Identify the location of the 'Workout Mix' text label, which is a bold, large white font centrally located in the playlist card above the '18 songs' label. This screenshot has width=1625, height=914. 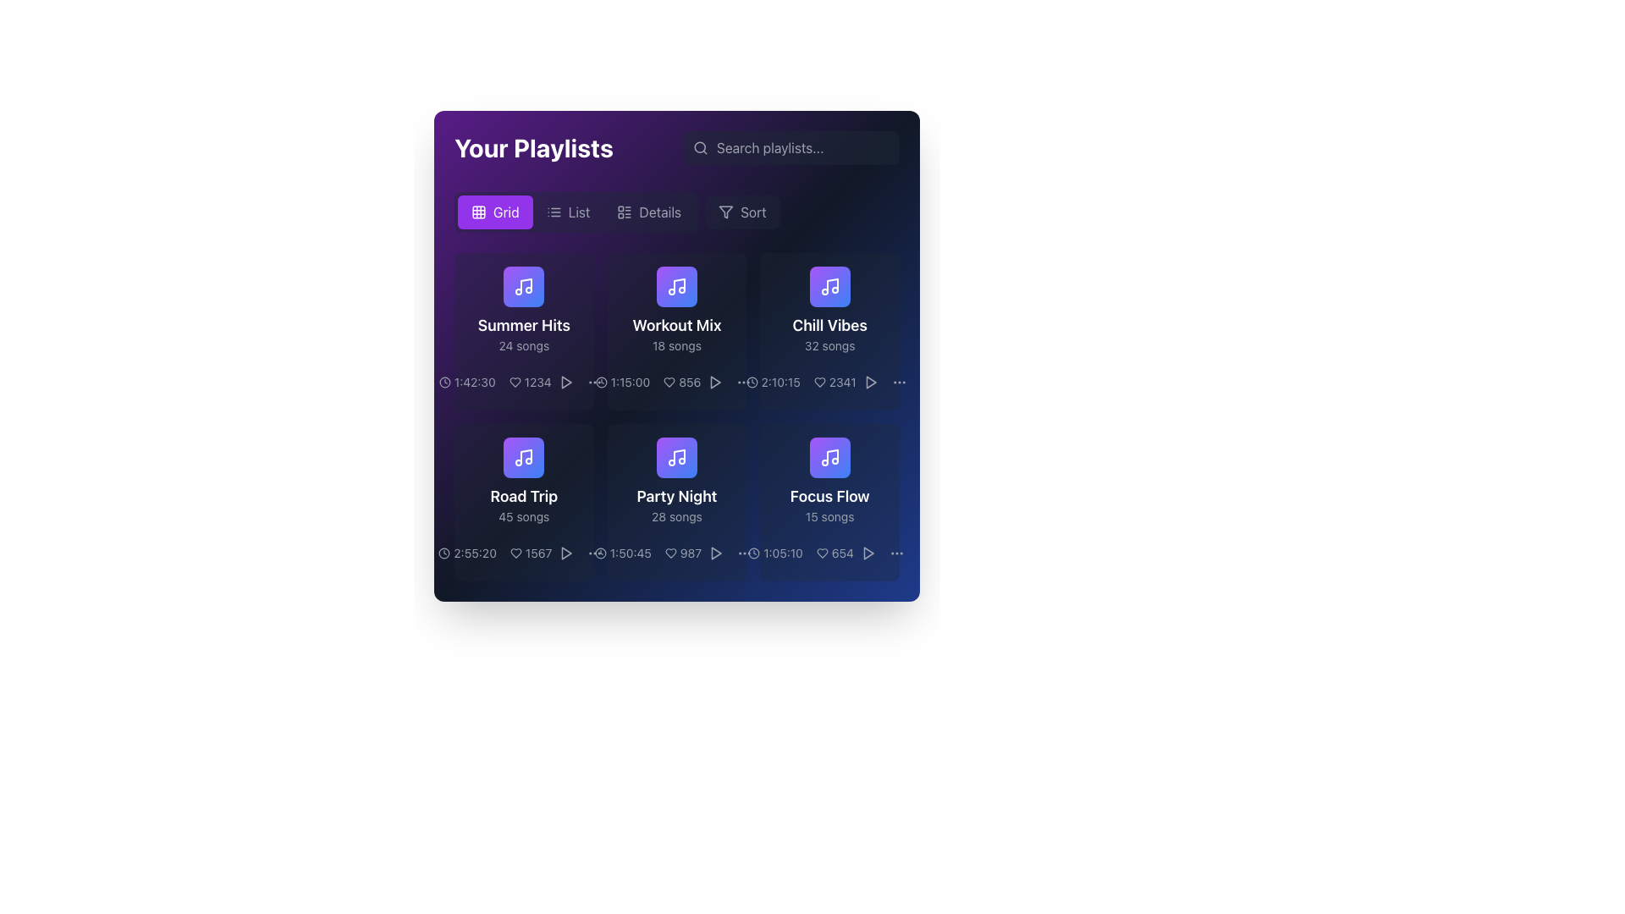
(677, 326).